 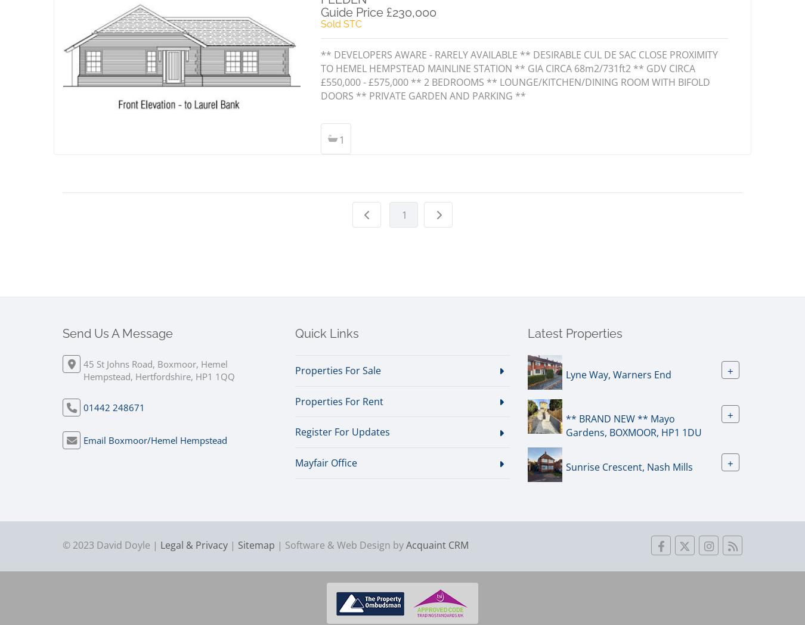 What do you see at coordinates (159, 370) in the screenshot?
I see `'45 St Johns Road, Boxmoor, Hemel Hempstead, Hertfordshire, HP1 1QQ'` at bounding box center [159, 370].